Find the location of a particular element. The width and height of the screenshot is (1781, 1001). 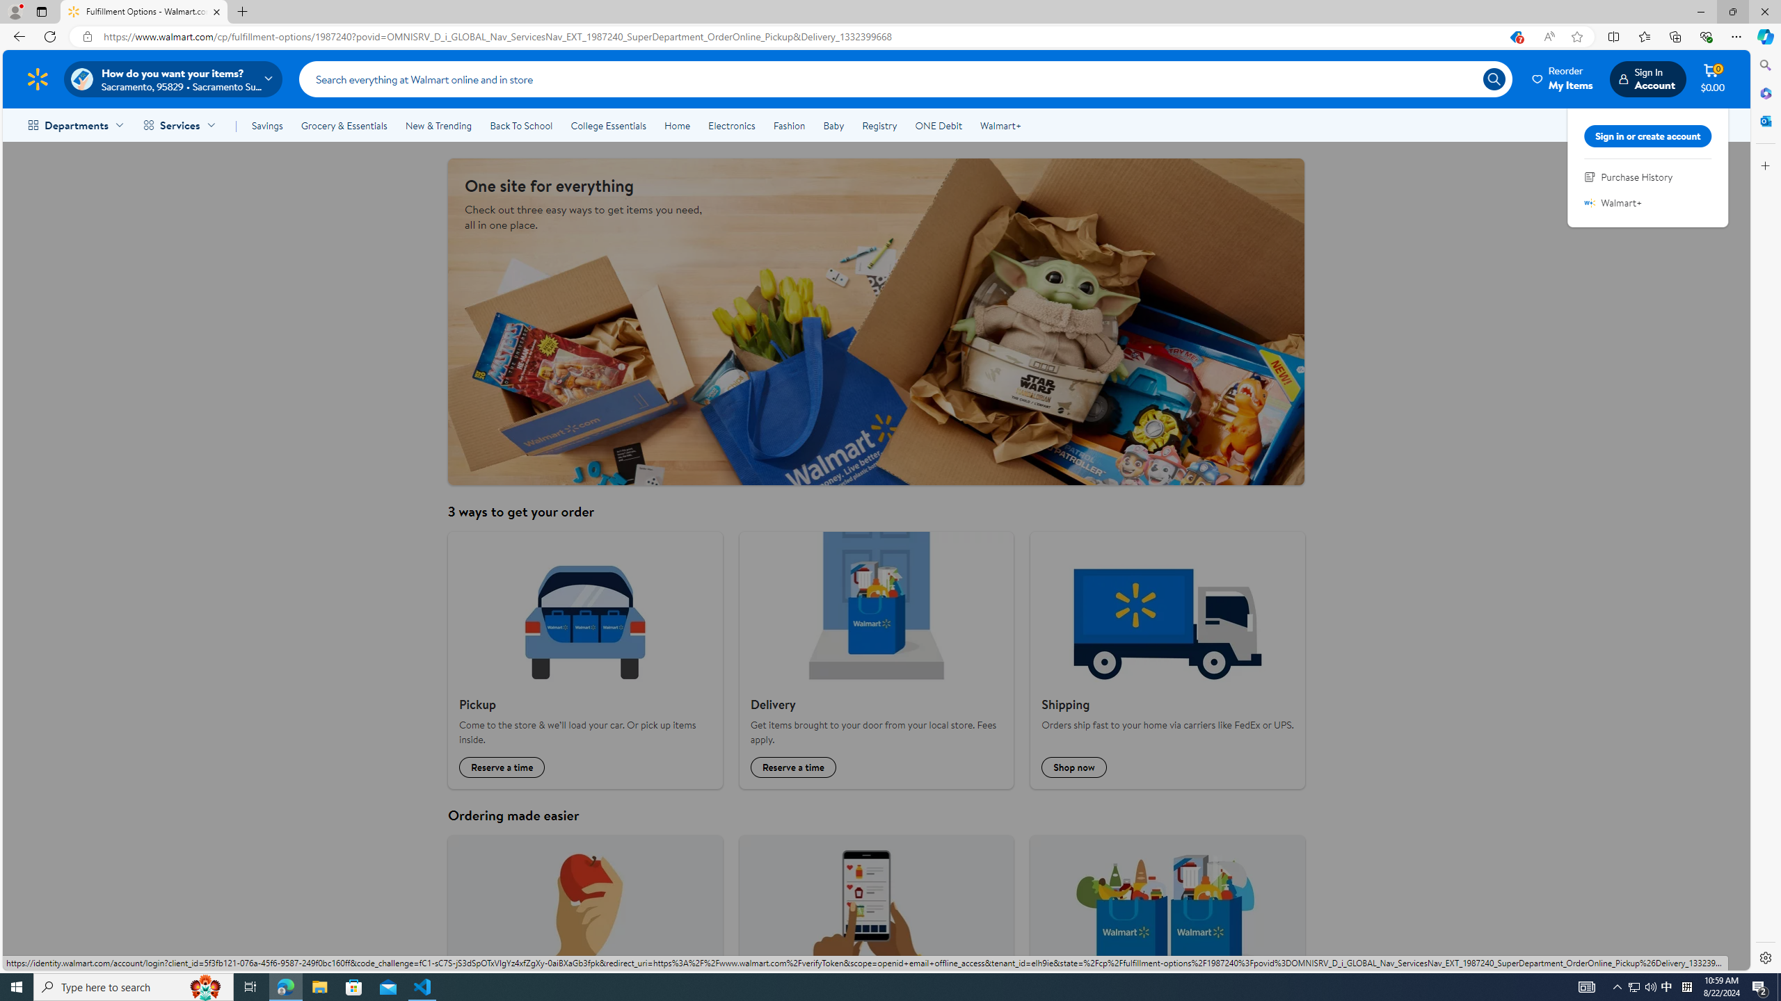

'New & Trending' is located at coordinates (439, 125).